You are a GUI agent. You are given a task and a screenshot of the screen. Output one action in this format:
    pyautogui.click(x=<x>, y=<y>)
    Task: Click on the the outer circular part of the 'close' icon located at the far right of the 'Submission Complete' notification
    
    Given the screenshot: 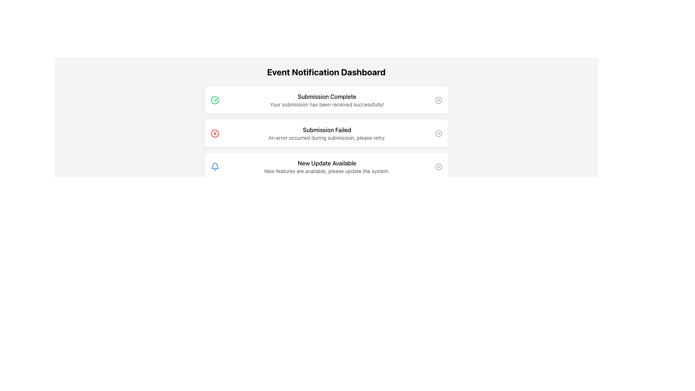 What is the action you would take?
    pyautogui.click(x=438, y=100)
    